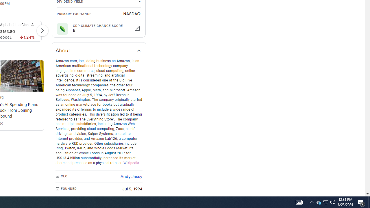 Image resolution: width=370 pixels, height=208 pixels. I want to click on 'Andy Jassy', so click(131, 176).